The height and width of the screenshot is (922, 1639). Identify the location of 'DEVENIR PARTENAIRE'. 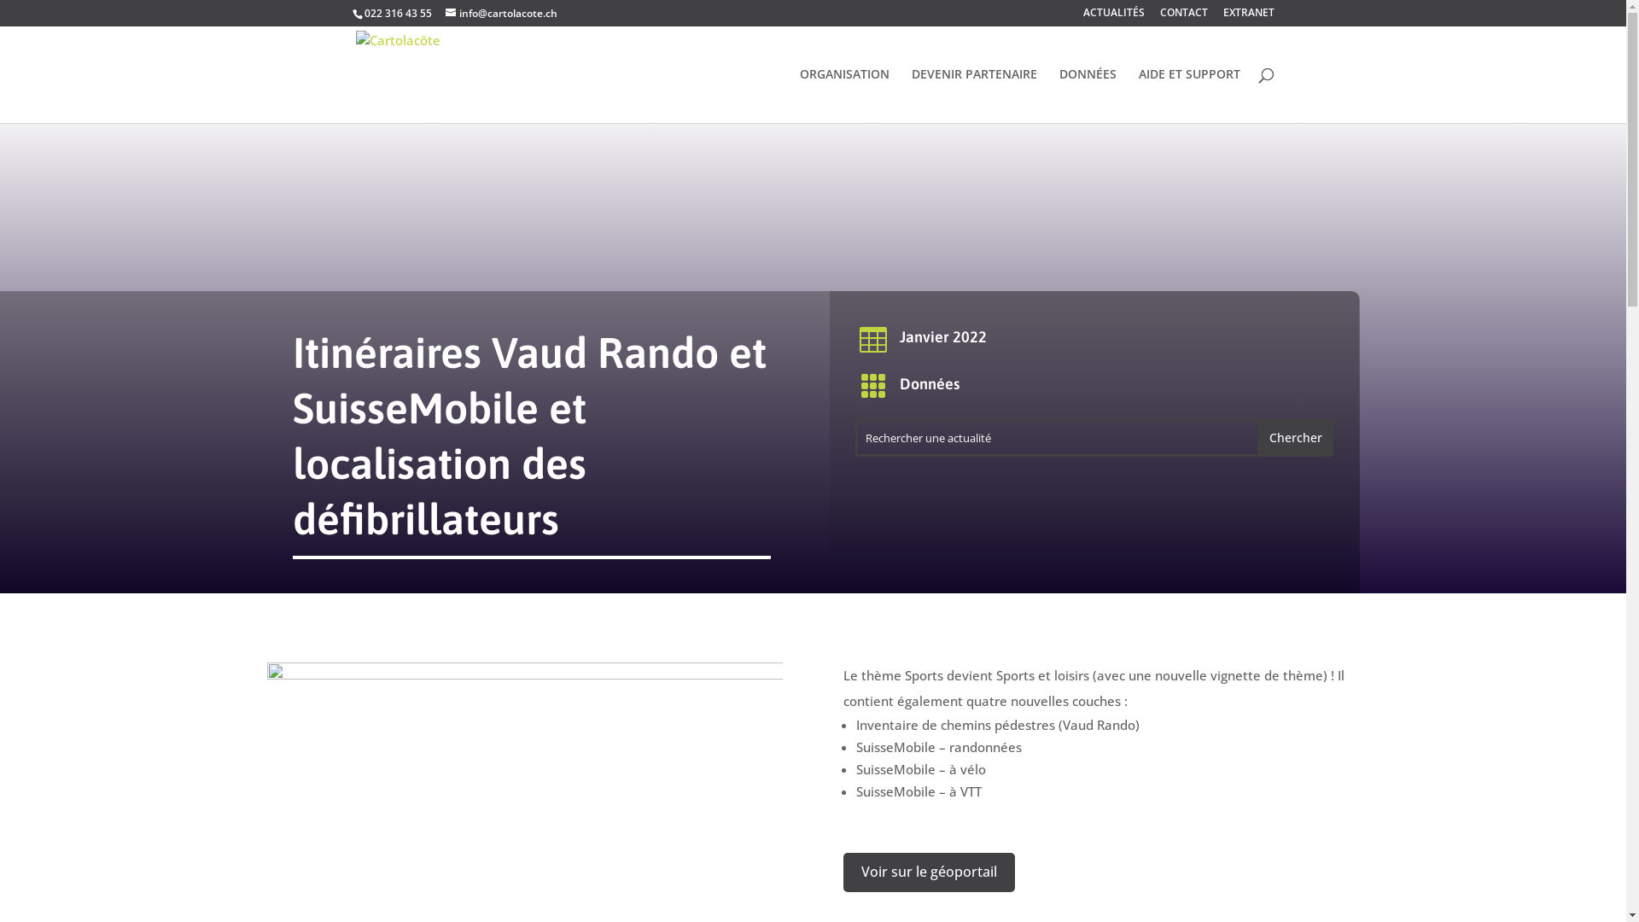
(974, 95).